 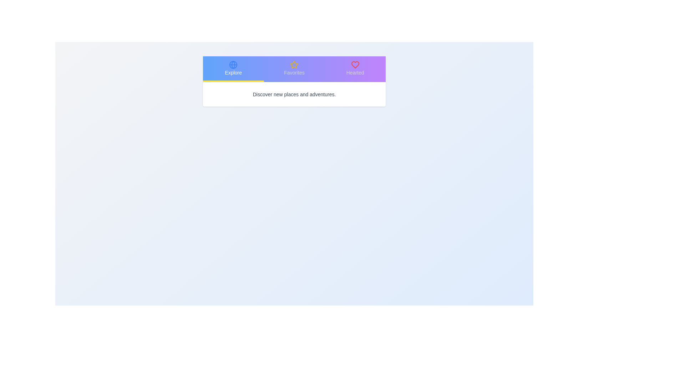 What do you see at coordinates (294, 69) in the screenshot?
I see `the tab labeled Favorites to observe its associated icon` at bounding box center [294, 69].